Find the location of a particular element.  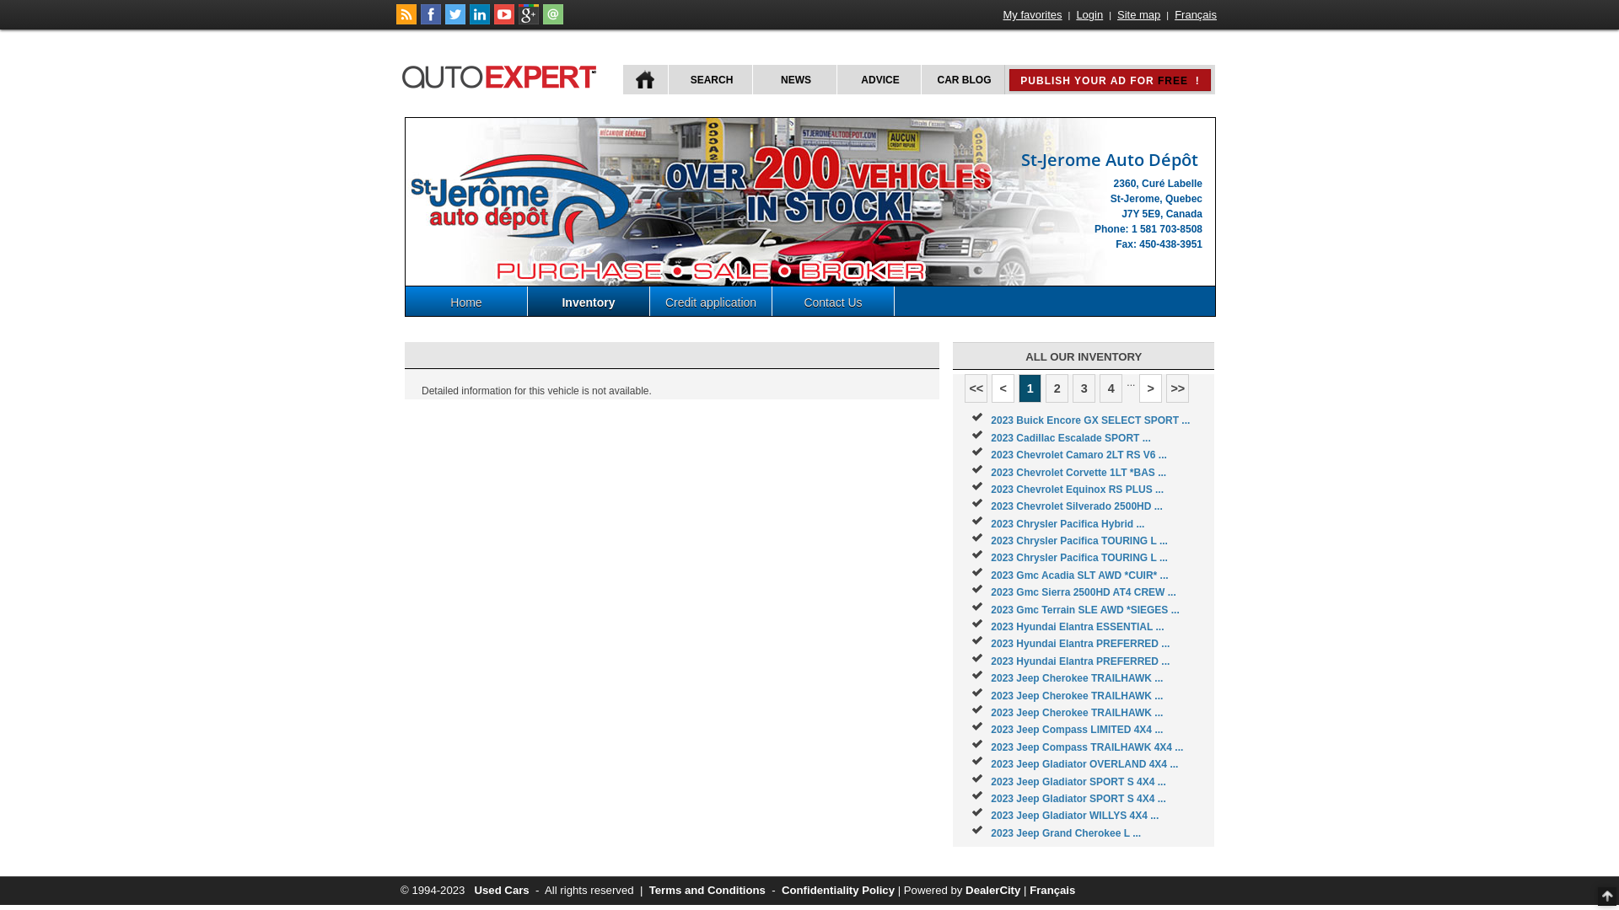

'Follow Publications Le Guide Inc. on LinkedIn' is located at coordinates (479, 20).